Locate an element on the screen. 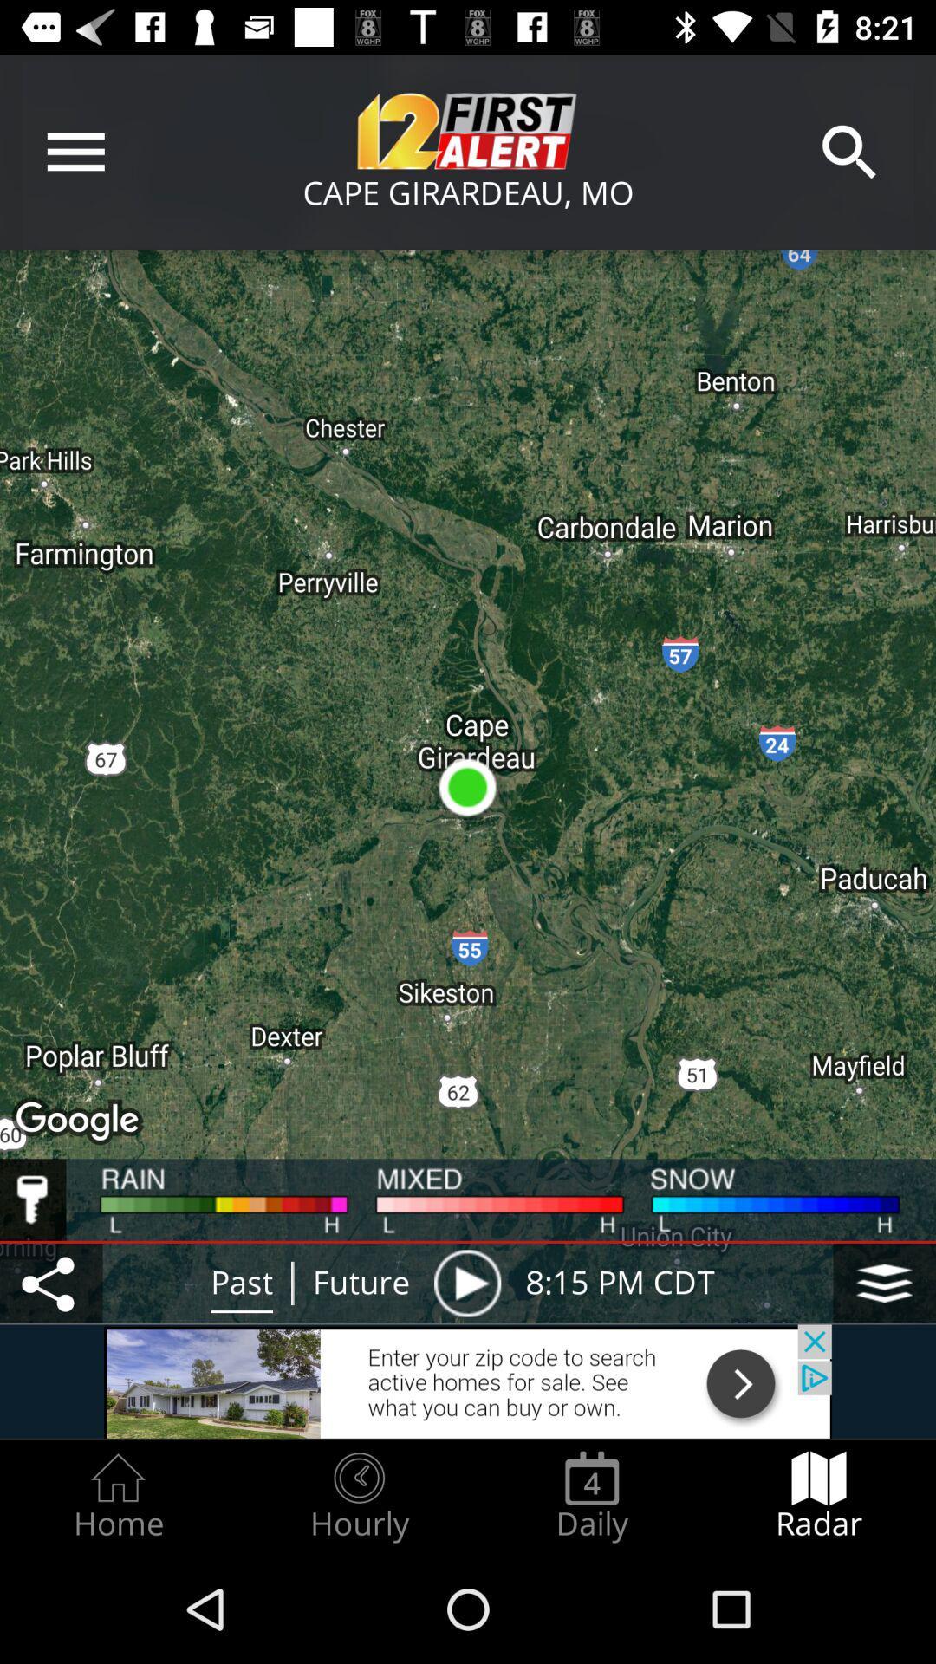 The height and width of the screenshot is (1664, 936). the layers icon is located at coordinates (884, 1283).